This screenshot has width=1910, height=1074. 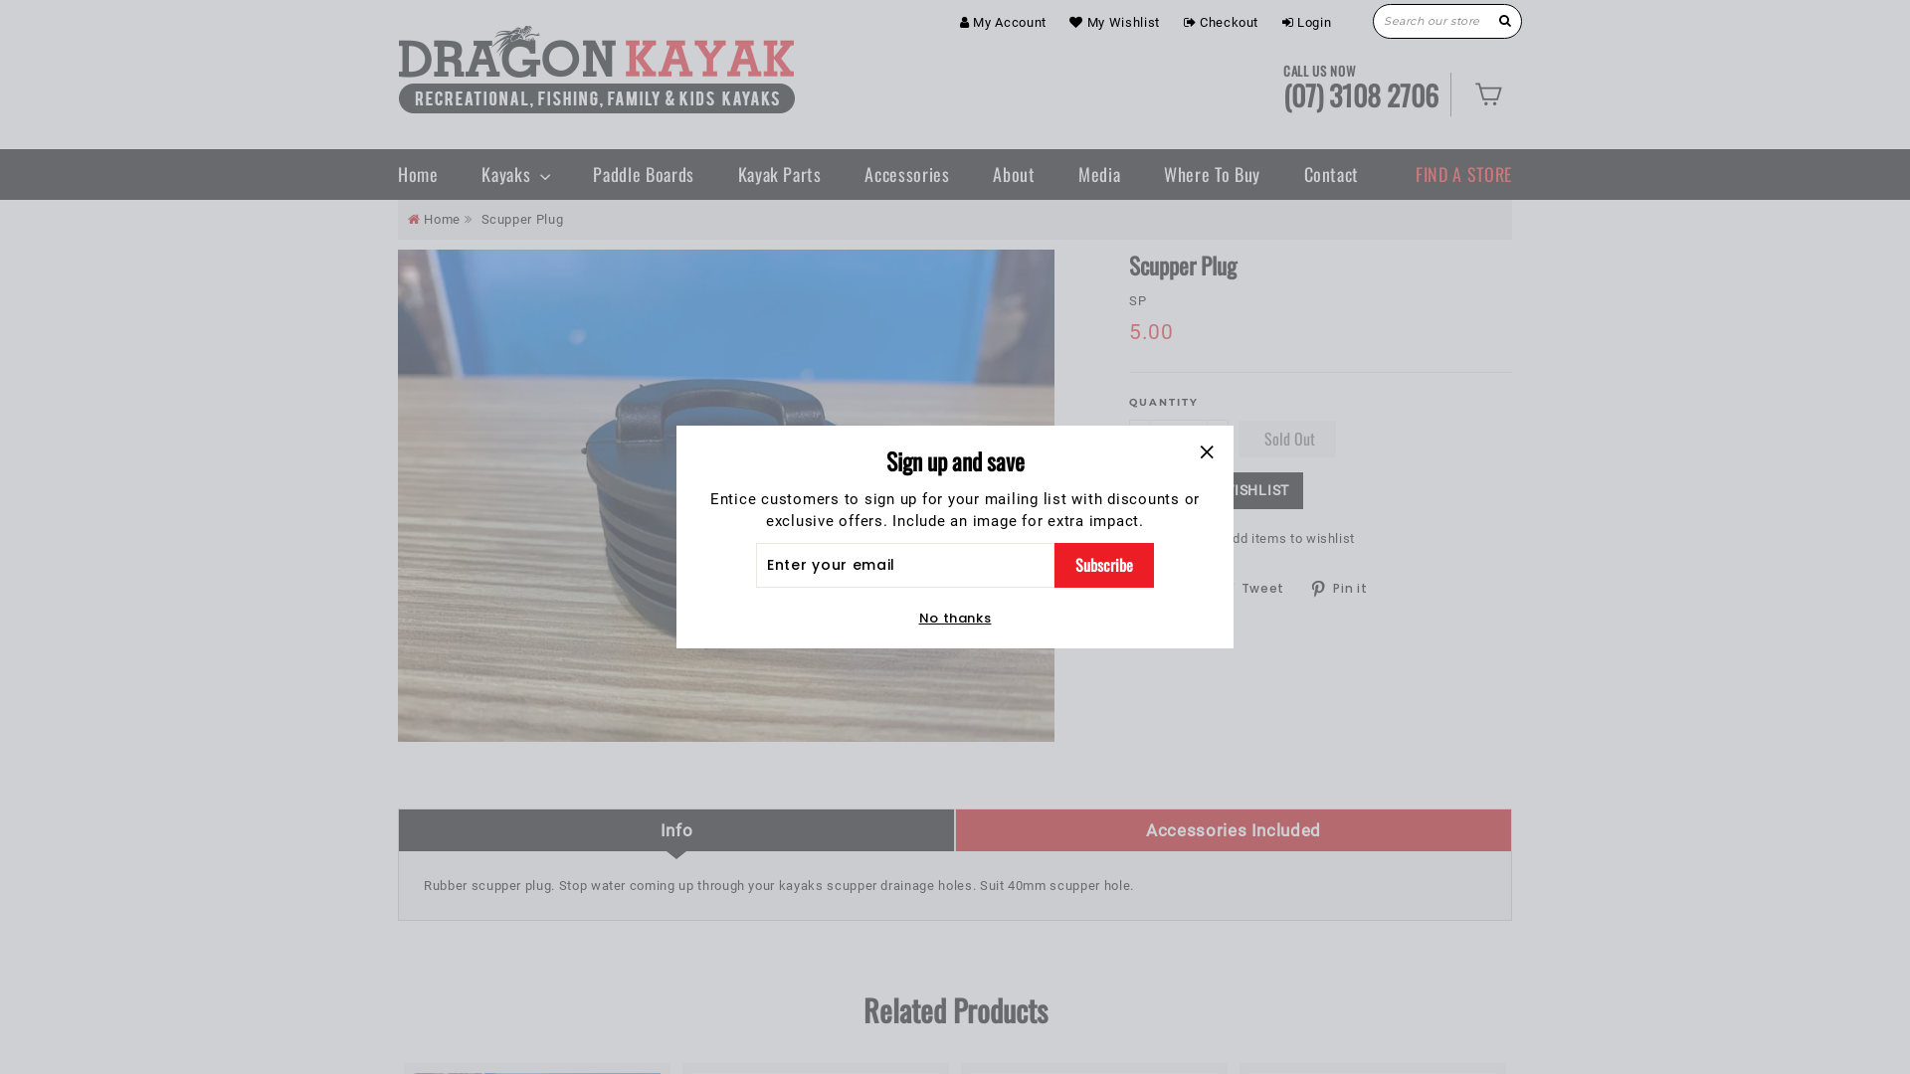 I want to click on 'My Account, so click(x=1003, y=23).